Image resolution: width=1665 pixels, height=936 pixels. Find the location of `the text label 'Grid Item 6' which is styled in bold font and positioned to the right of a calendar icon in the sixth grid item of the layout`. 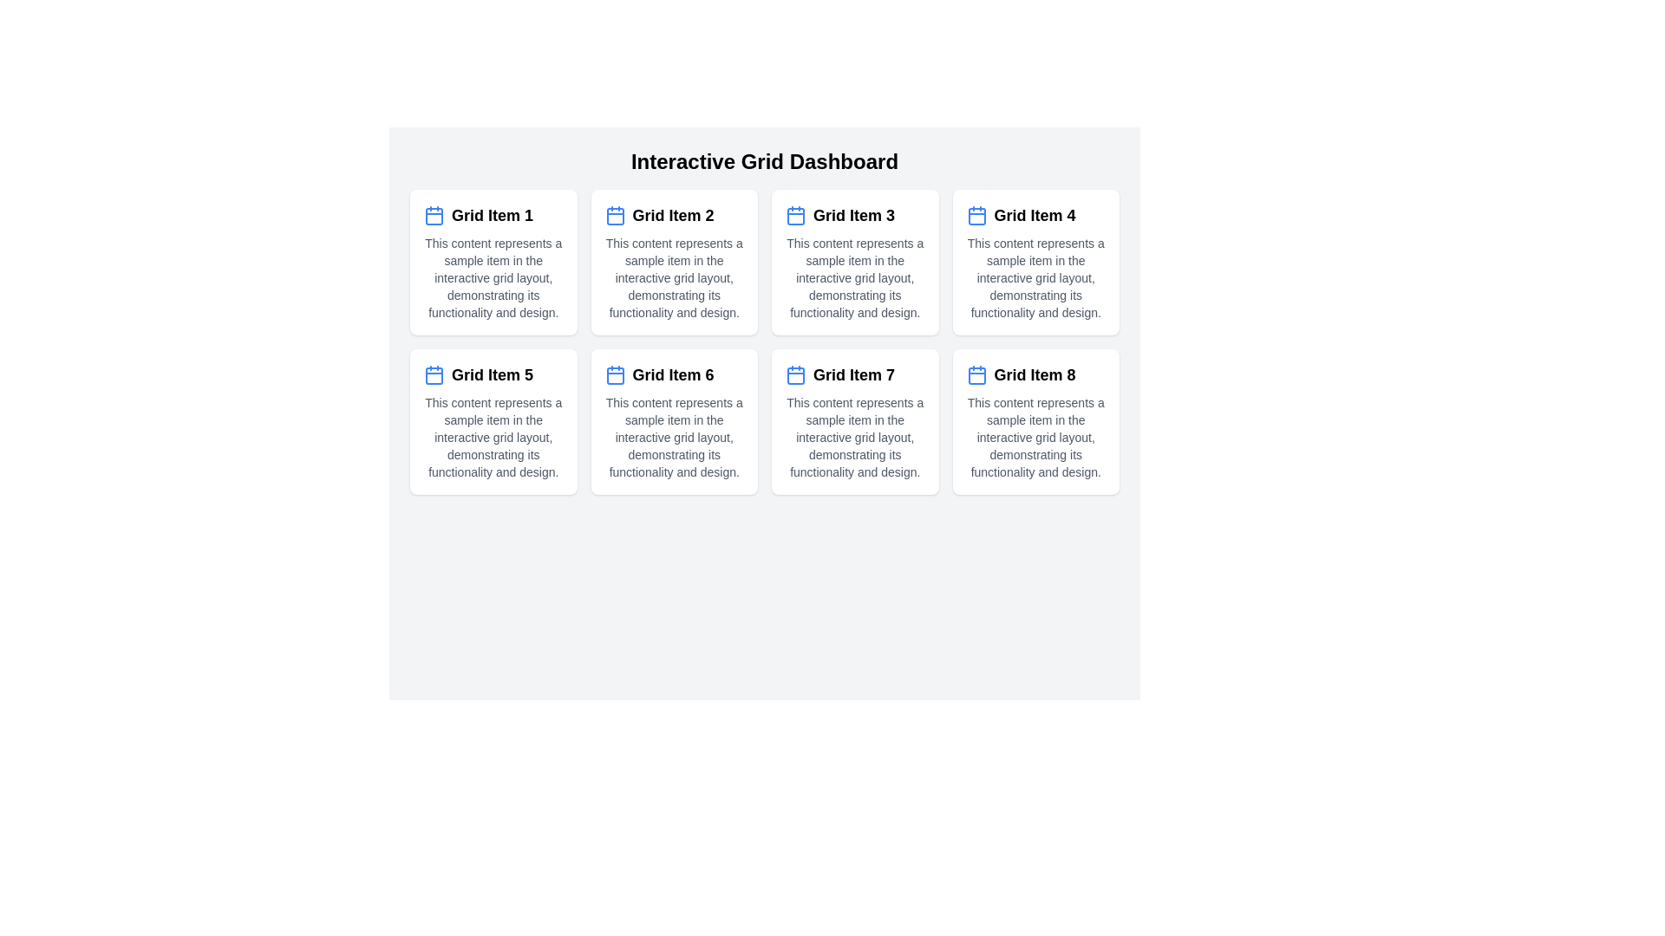

the text label 'Grid Item 6' which is styled in bold font and positioned to the right of a calendar icon in the sixth grid item of the layout is located at coordinates (672, 374).